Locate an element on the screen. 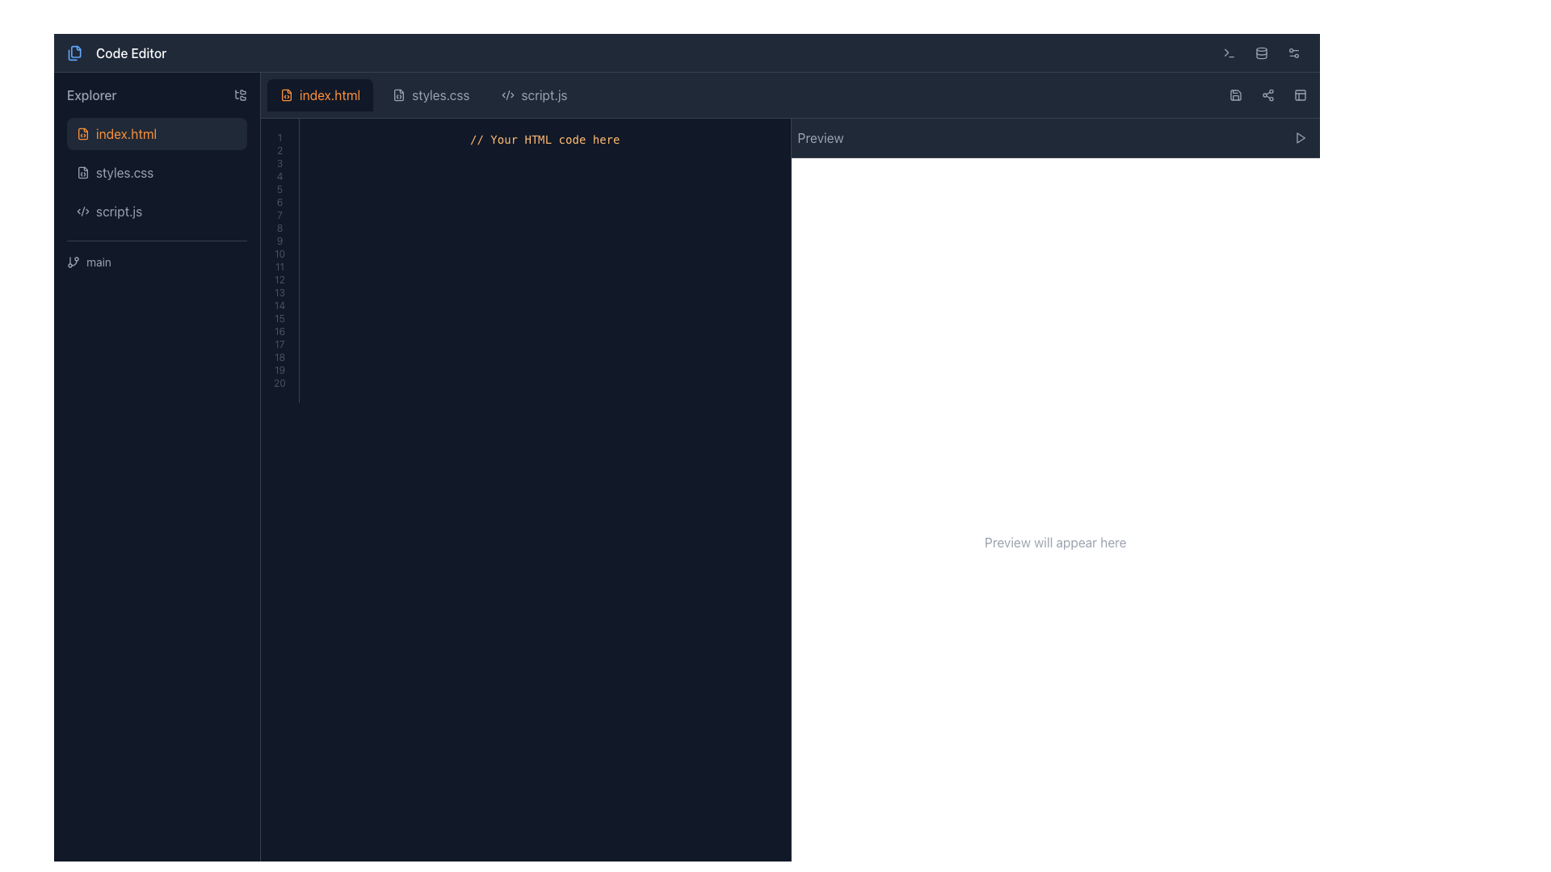 Image resolution: width=1551 pixels, height=872 pixels. the share button located in the middle of a group of three buttons on the right of the main code editor's toolbar is located at coordinates (1267, 95).